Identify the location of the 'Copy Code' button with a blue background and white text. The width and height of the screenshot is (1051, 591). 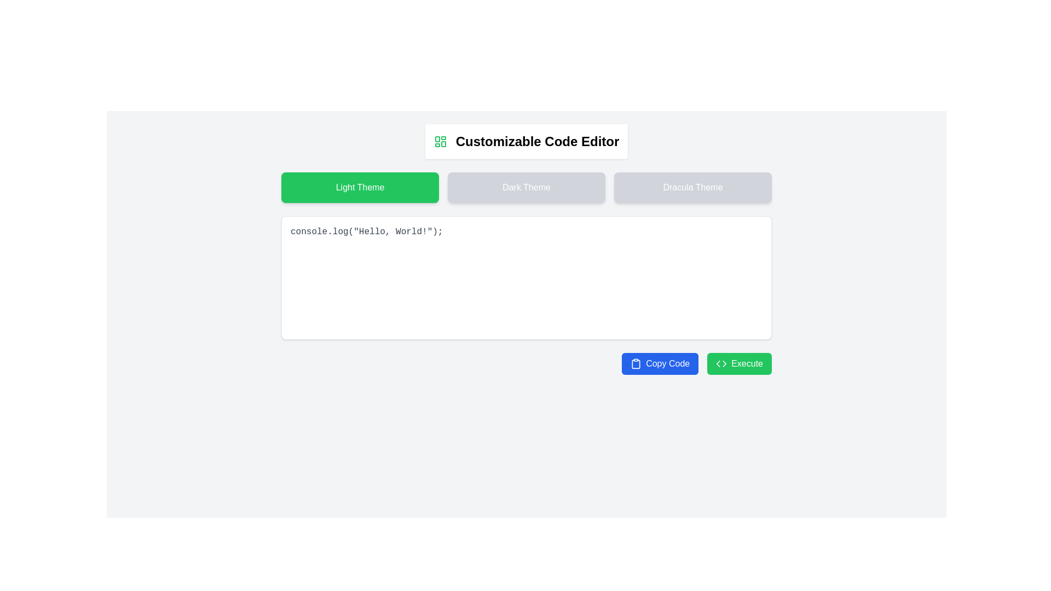
(660, 363).